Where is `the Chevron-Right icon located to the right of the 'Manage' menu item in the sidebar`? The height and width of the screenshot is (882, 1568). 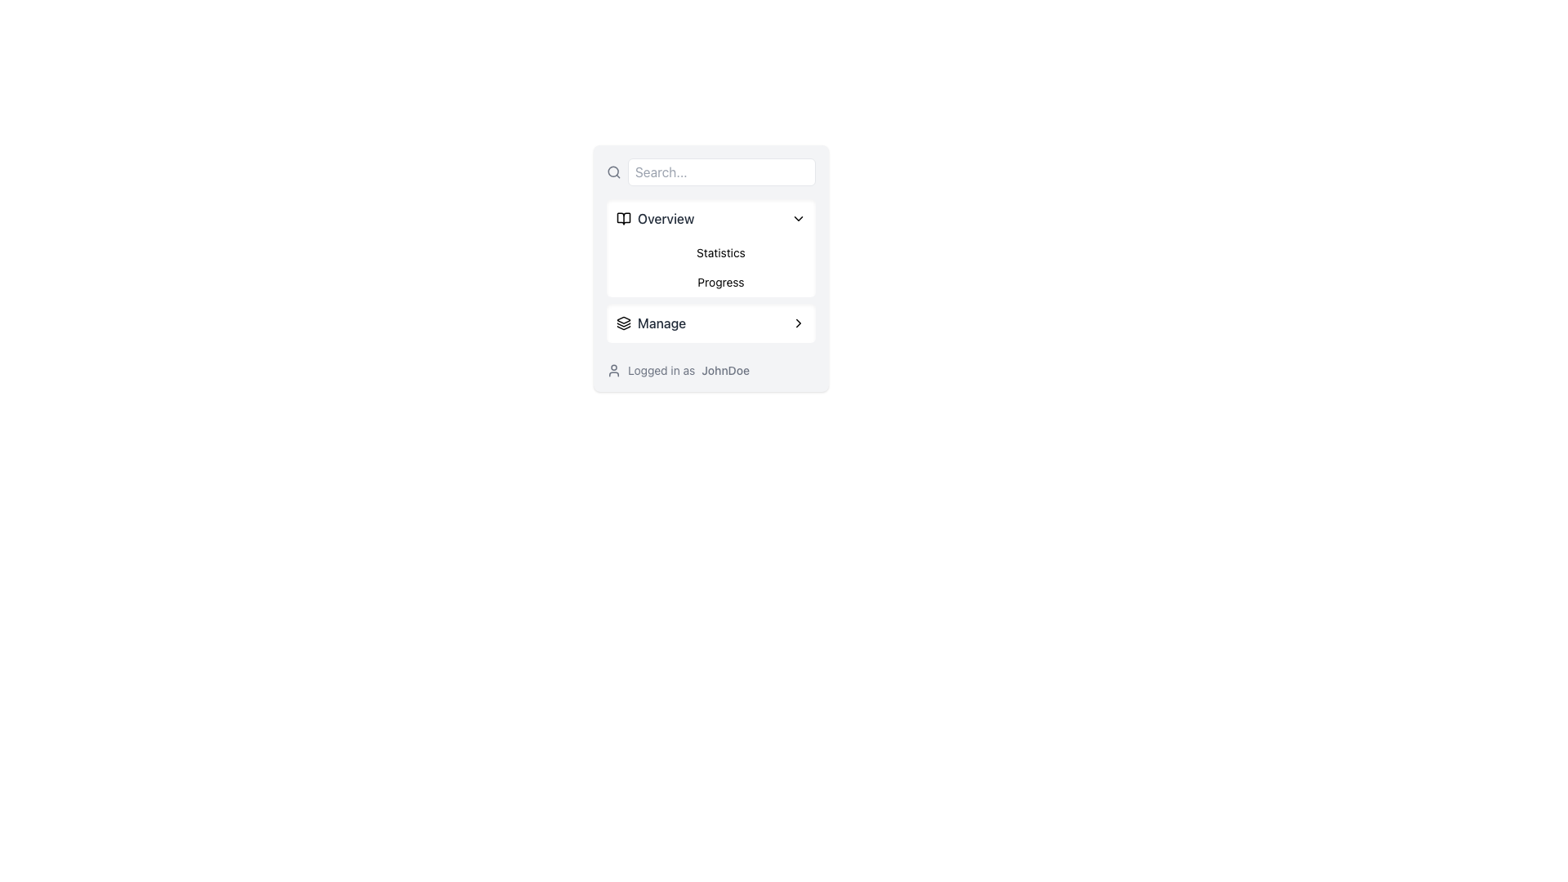 the Chevron-Right icon located to the right of the 'Manage' menu item in the sidebar is located at coordinates (799, 323).